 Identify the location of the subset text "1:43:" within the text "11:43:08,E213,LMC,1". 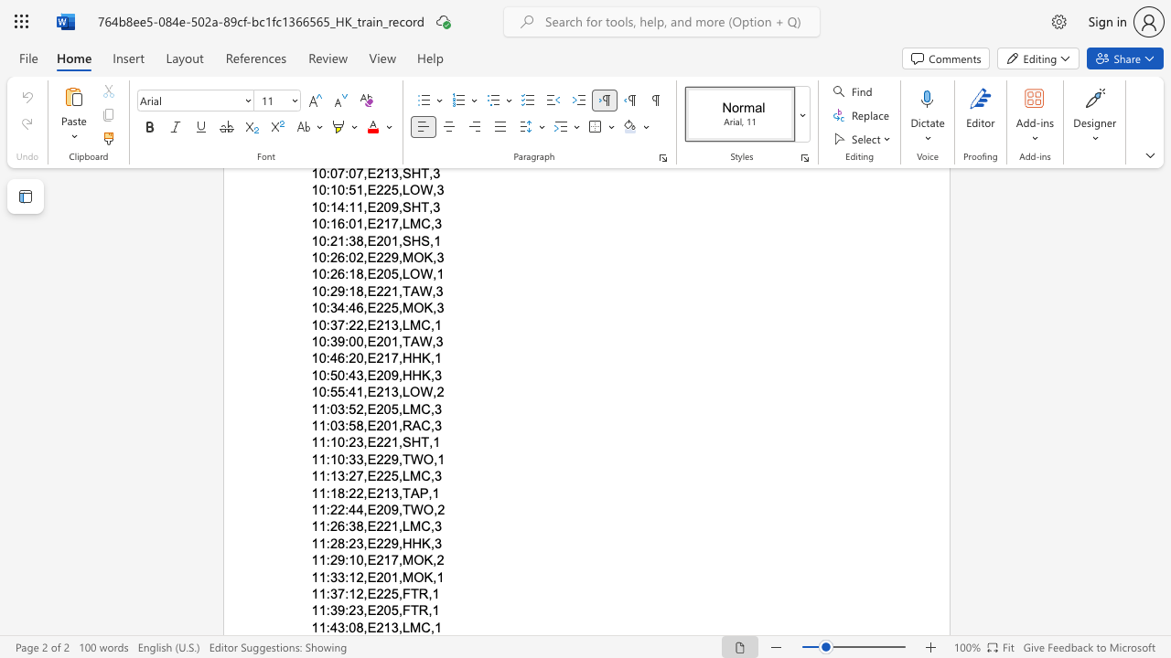
(318, 626).